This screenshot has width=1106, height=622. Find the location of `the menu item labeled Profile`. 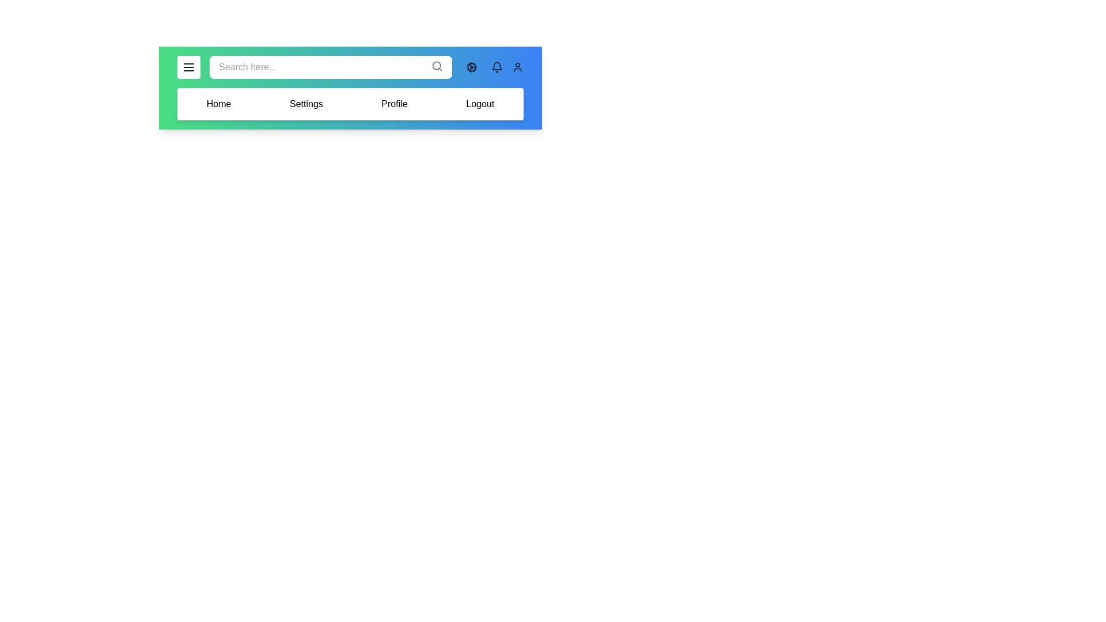

the menu item labeled Profile is located at coordinates (395, 104).